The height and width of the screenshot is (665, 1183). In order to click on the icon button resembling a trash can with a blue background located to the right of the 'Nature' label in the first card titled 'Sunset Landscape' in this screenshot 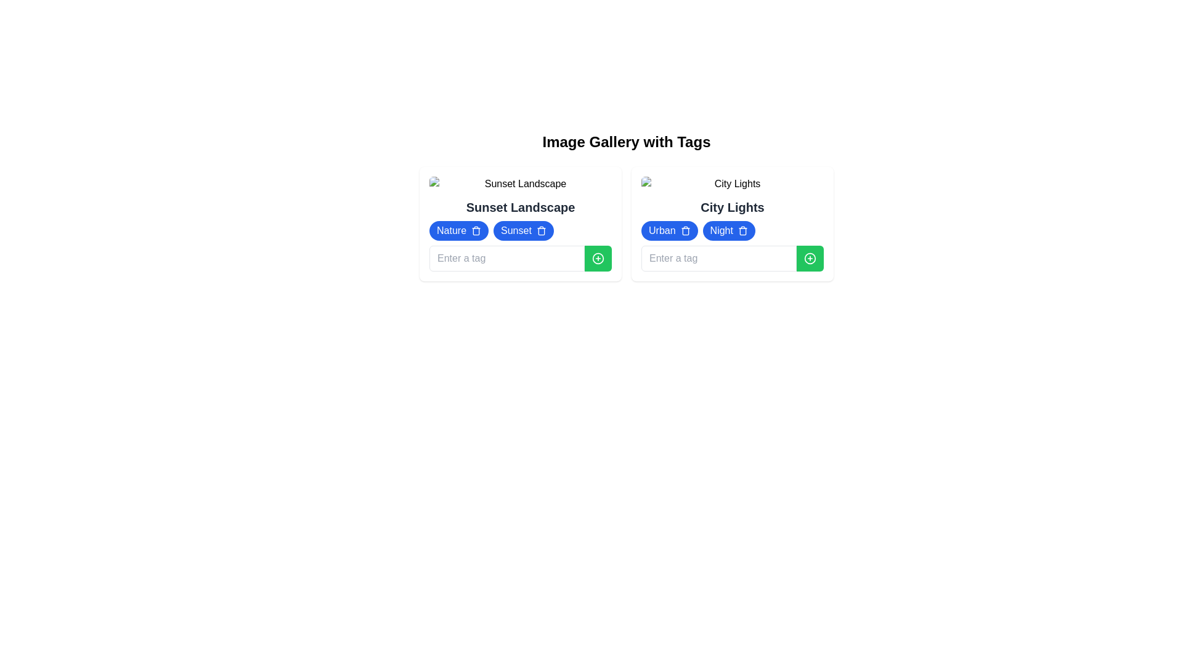, I will do `click(475, 230)`.